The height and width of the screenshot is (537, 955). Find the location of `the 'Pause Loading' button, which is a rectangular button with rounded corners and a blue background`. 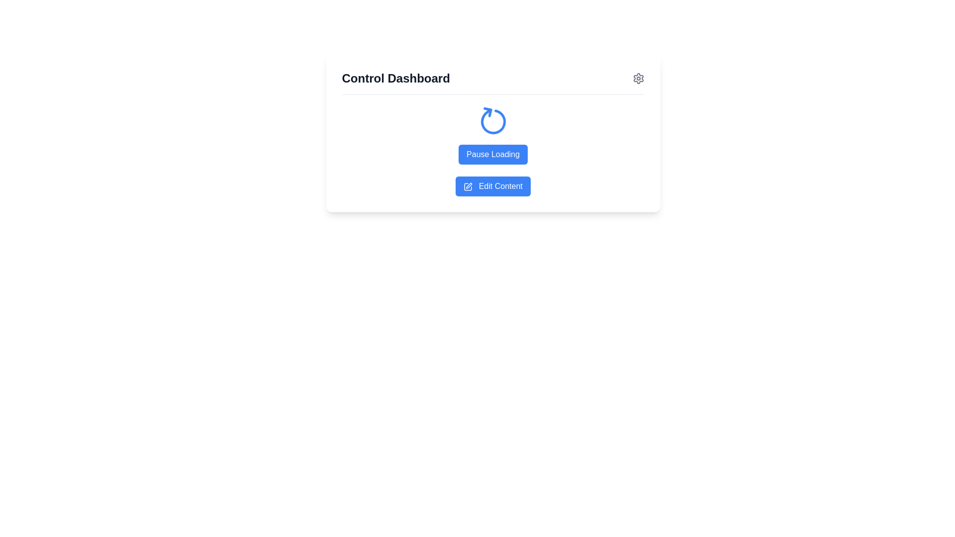

the 'Pause Loading' button, which is a rectangular button with rounded corners and a blue background is located at coordinates (493, 155).